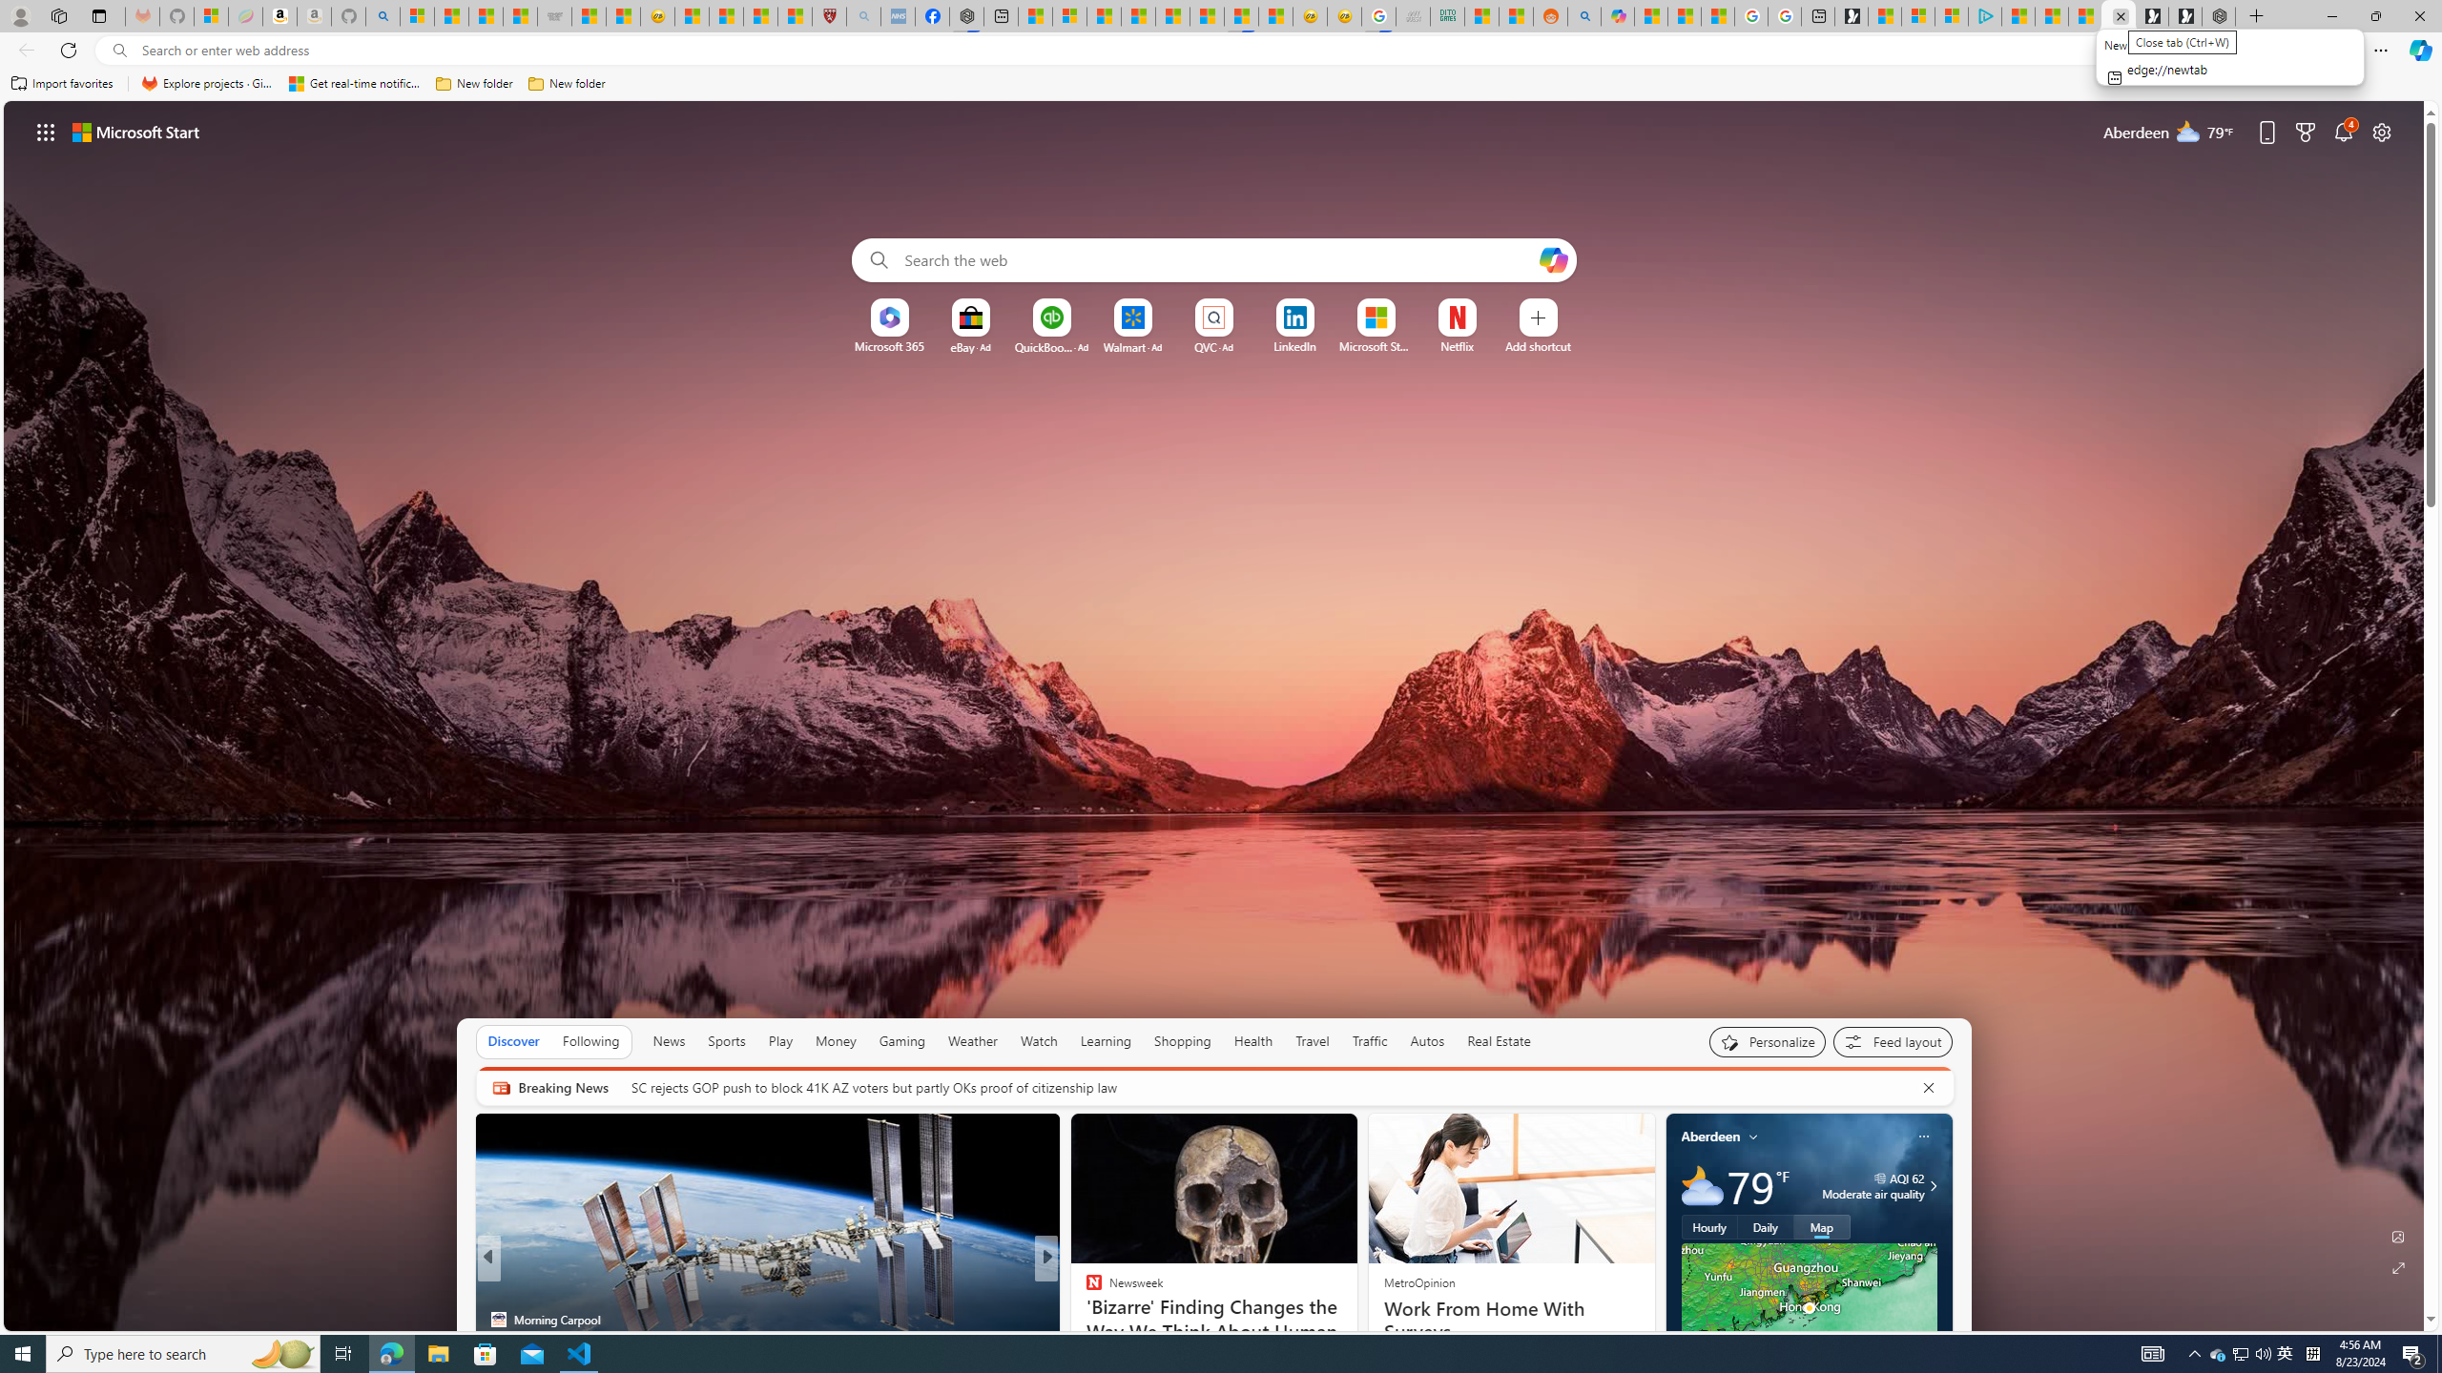  Describe the element at coordinates (1710, 1136) in the screenshot. I see `'Aberdeen'` at that location.